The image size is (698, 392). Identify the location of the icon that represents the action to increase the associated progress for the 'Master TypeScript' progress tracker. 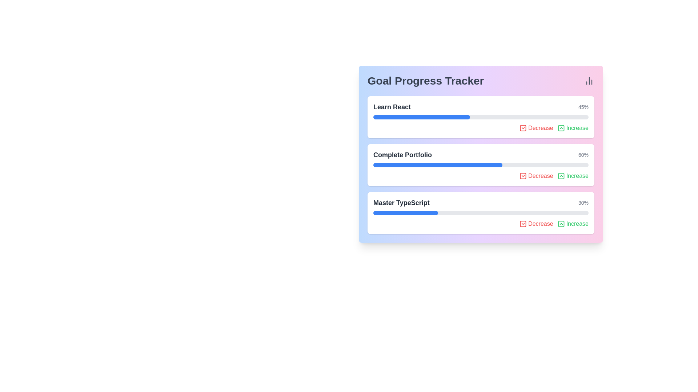
(561, 224).